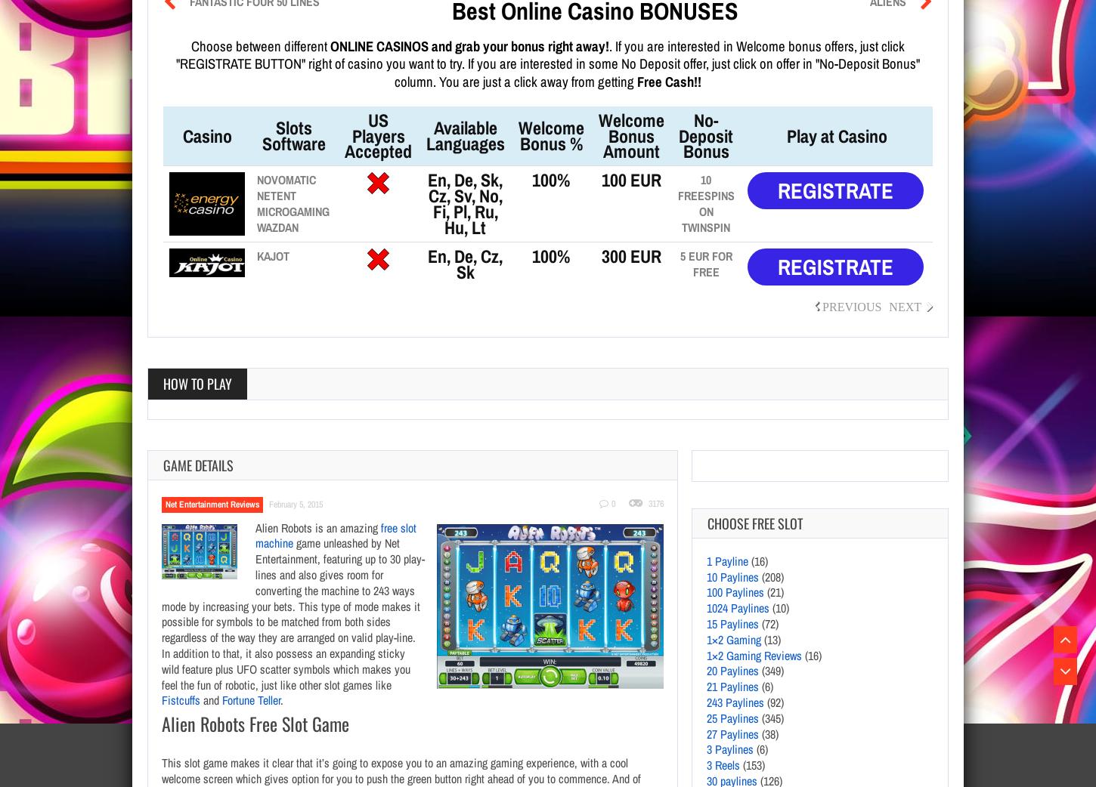 The height and width of the screenshot is (787, 1096). What do you see at coordinates (280, 699) in the screenshot?
I see `'.'` at bounding box center [280, 699].